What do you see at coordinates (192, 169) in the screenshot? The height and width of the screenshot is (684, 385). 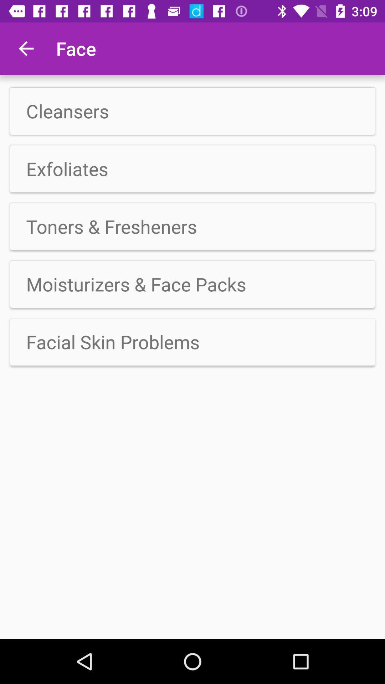 I see `item above the toners & fresheners` at bounding box center [192, 169].